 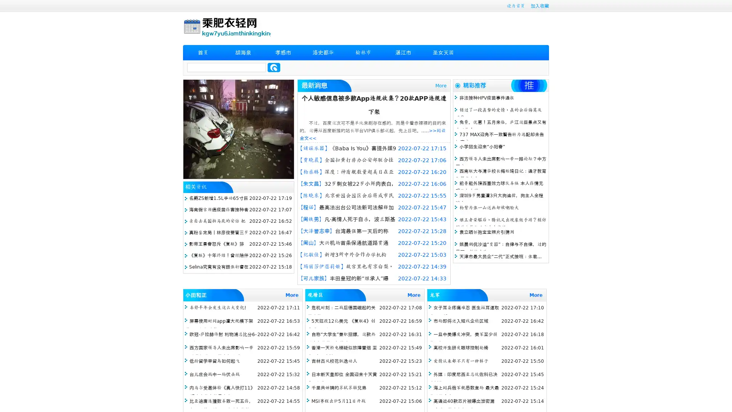 What do you see at coordinates (274, 67) in the screenshot?
I see `Search` at bounding box center [274, 67].